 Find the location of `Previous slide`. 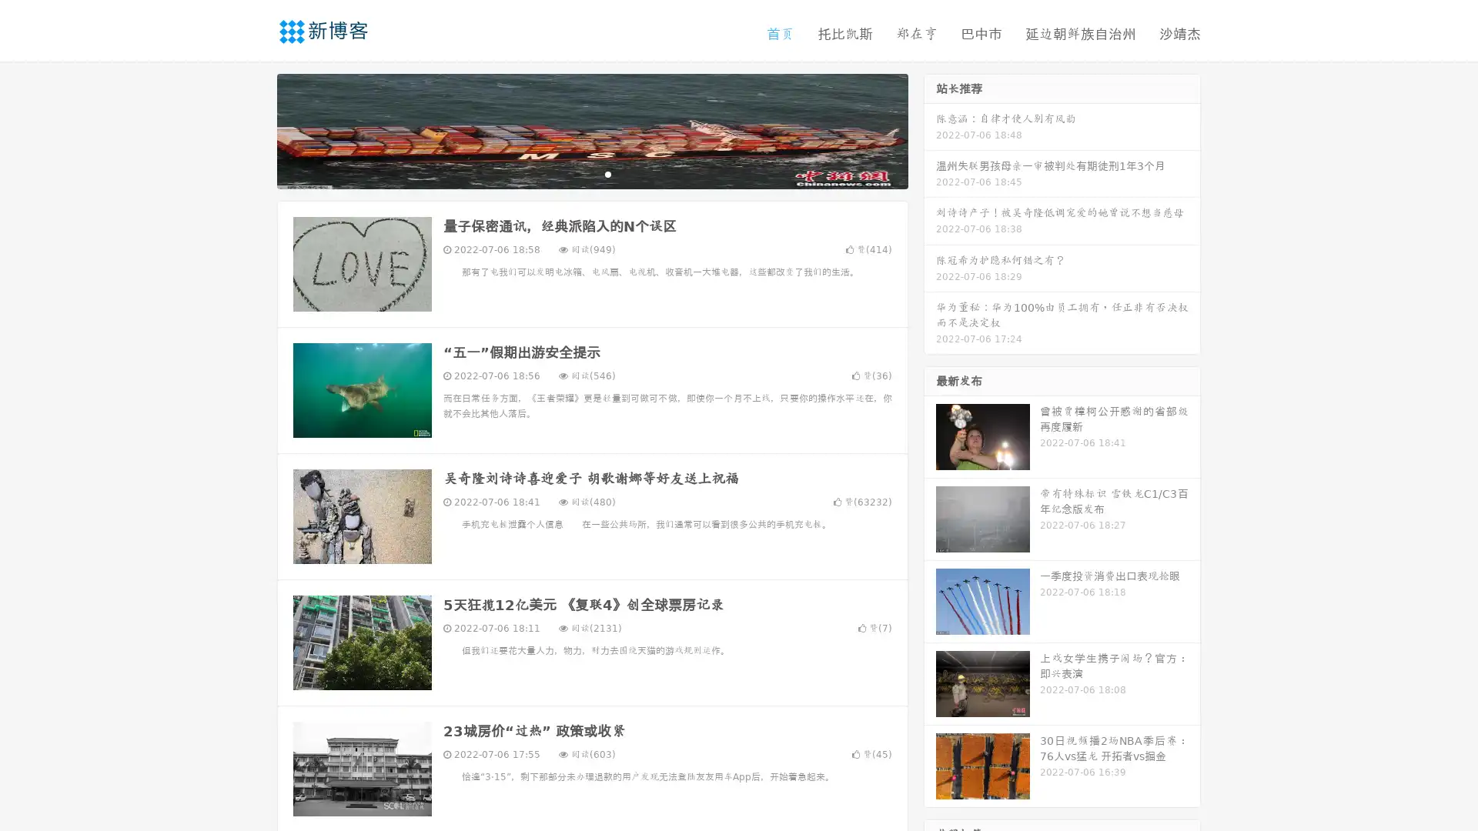

Previous slide is located at coordinates (254, 129).